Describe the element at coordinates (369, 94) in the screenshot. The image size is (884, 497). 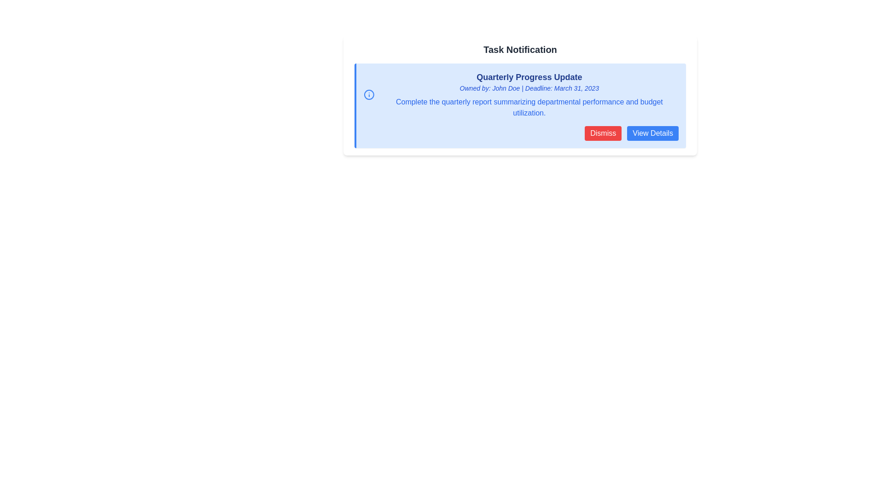
I see `the circle graphic within the SVG element that signifies notifications, located at the top-left corner of the notification panel` at that location.